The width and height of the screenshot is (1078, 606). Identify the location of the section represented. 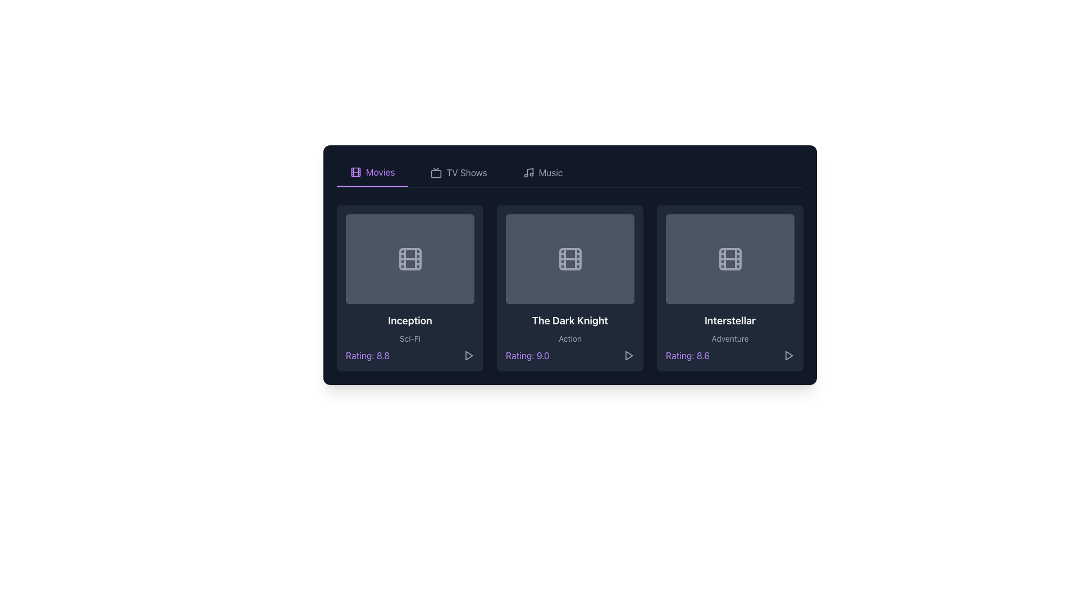
(436, 173).